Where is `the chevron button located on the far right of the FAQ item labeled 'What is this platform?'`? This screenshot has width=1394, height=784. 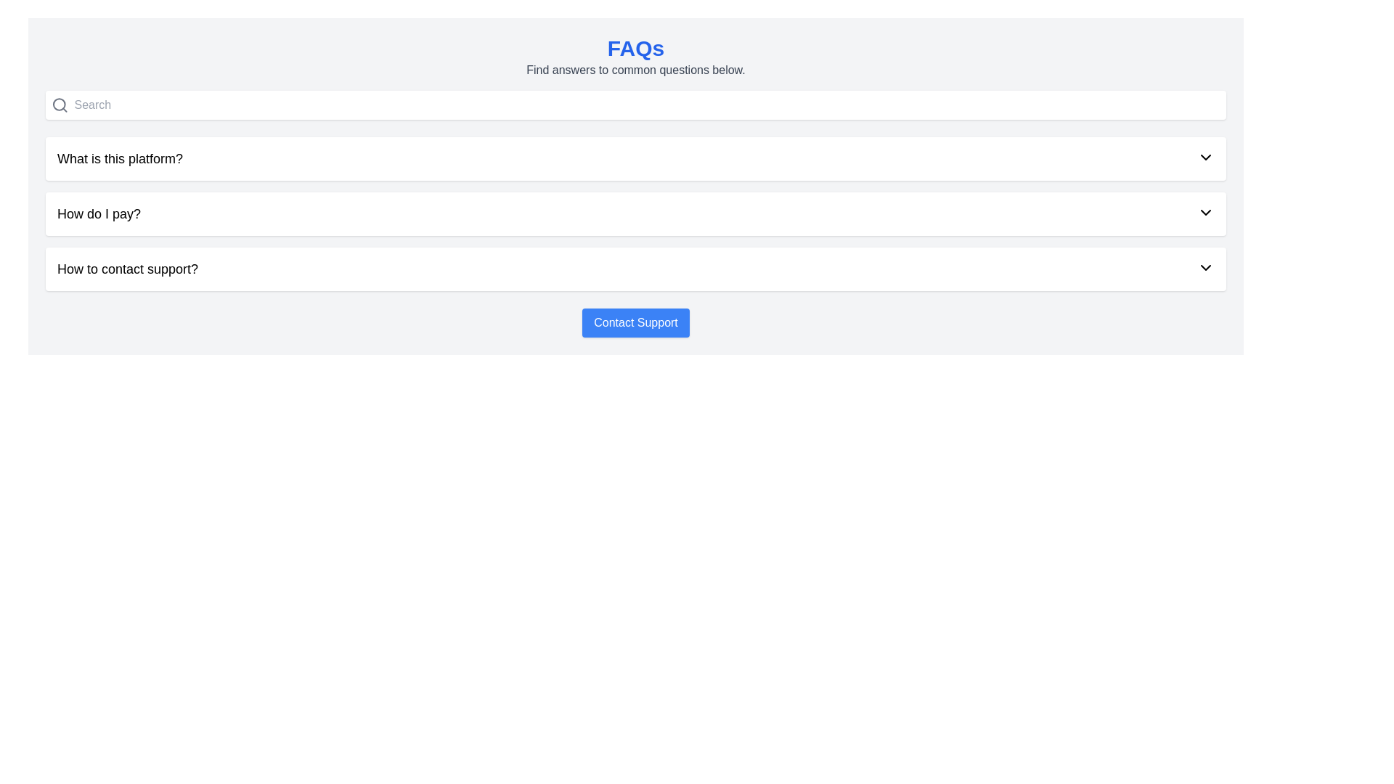
the chevron button located on the far right of the FAQ item labeled 'What is this platform?' is located at coordinates (1205, 157).